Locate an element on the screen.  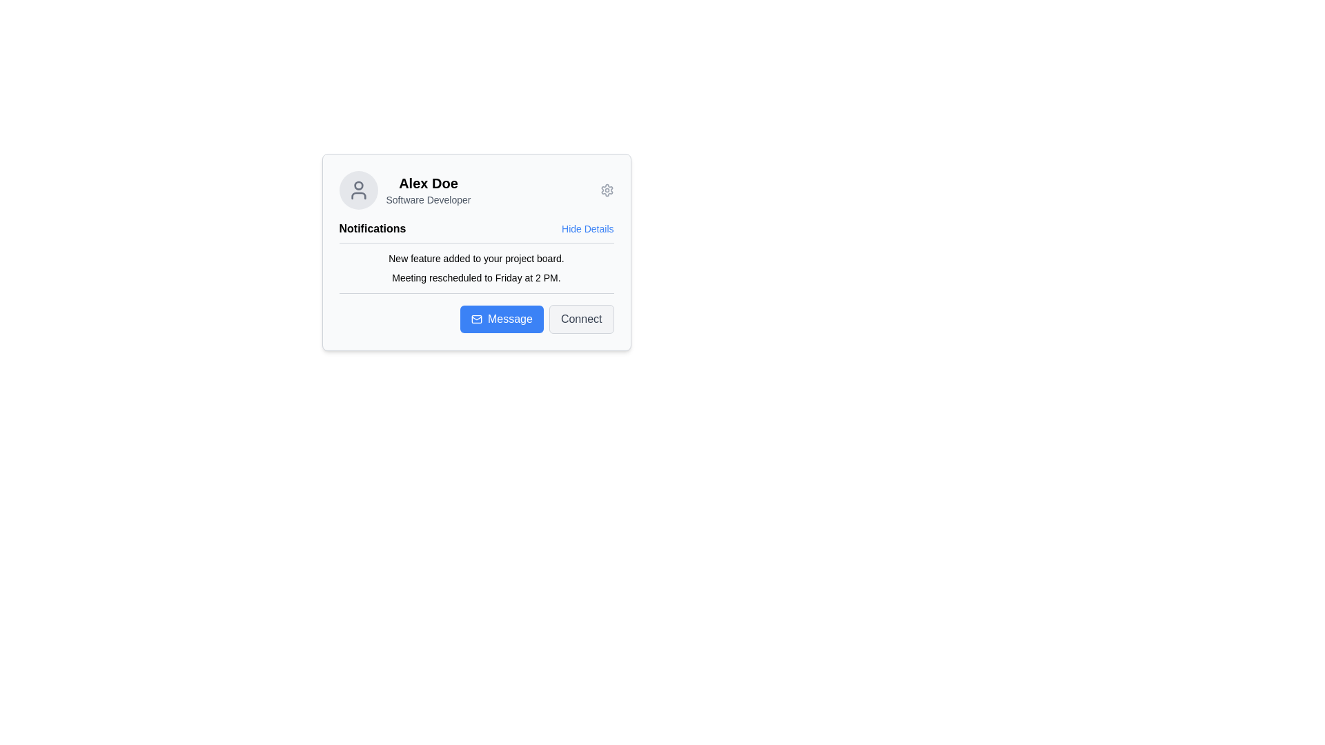
the 'Message' button located in the toolbar at the bottom of the card interface is located at coordinates (501, 319).